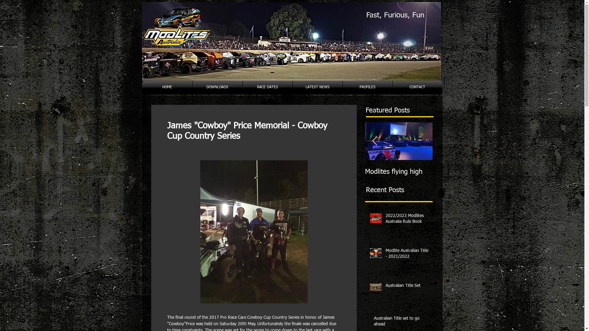 This screenshot has width=589, height=331. I want to click on 'HOME', so click(141, 87).